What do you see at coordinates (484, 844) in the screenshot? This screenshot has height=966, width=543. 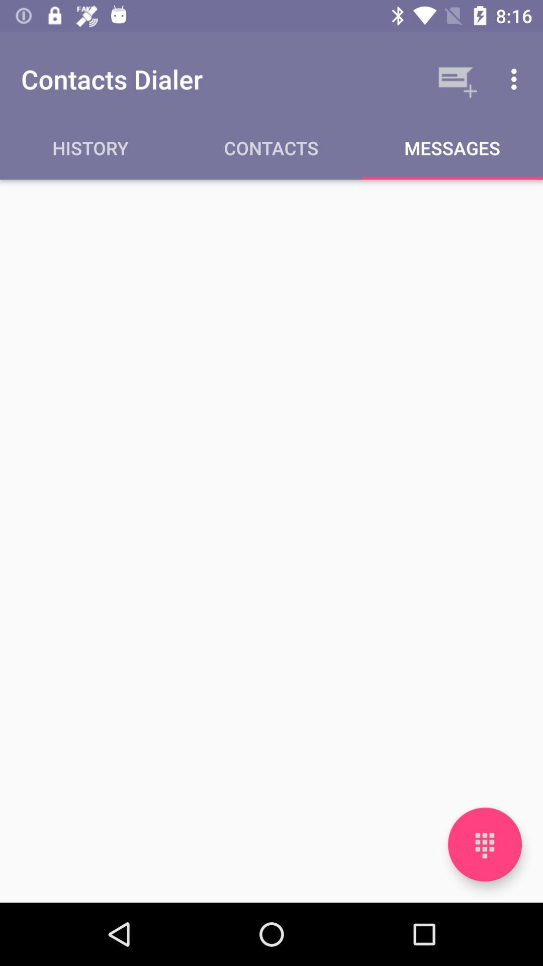 I see `open the keypad` at bounding box center [484, 844].